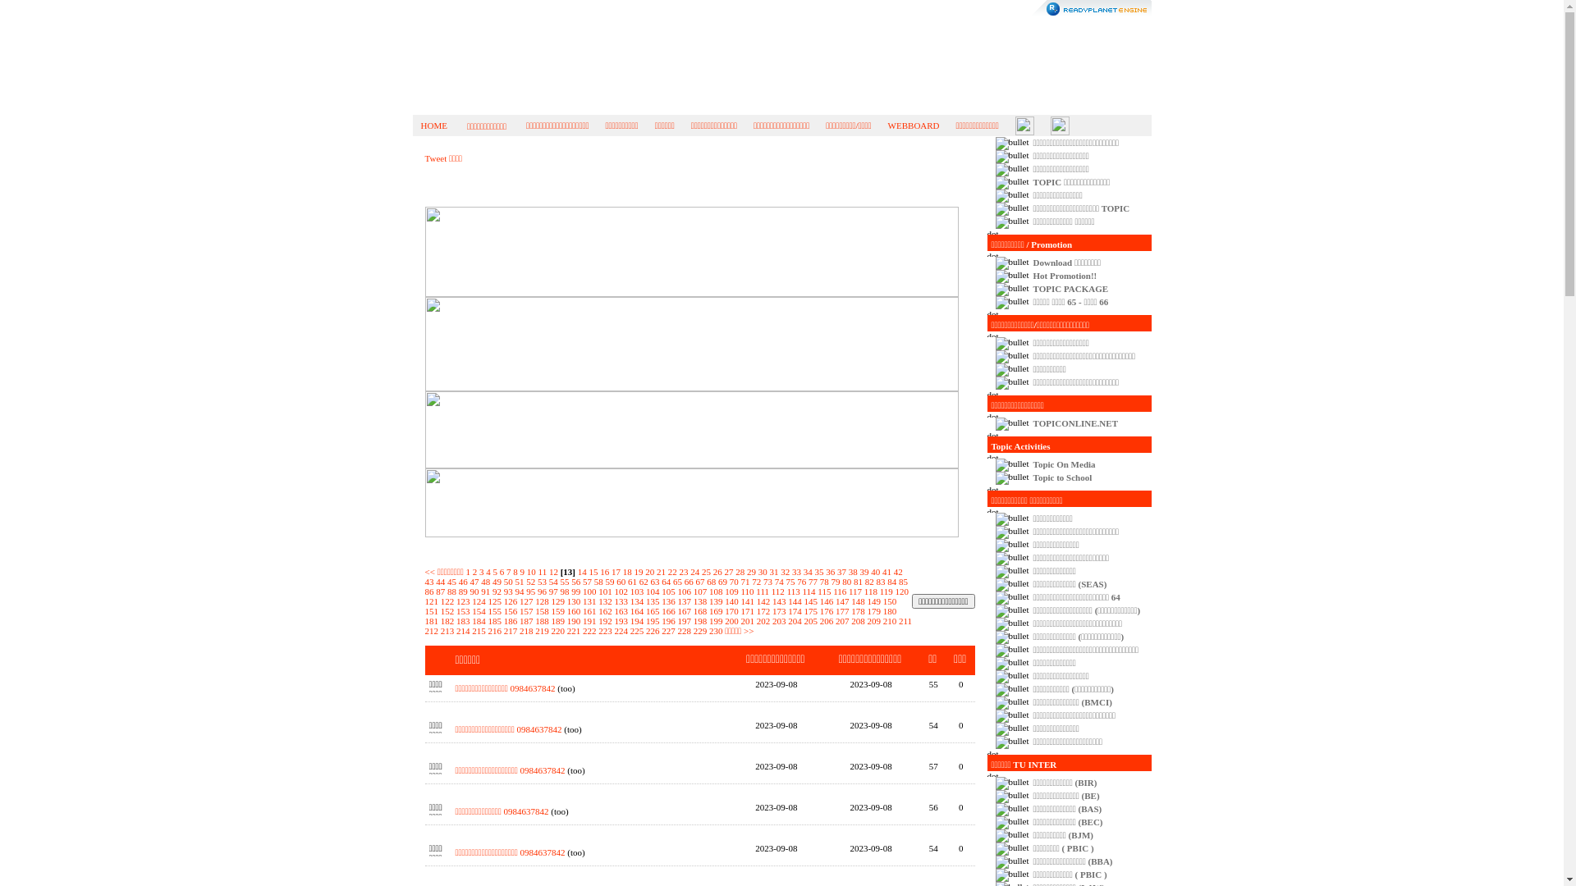 This screenshot has height=886, width=1576. Describe the element at coordinates (468, 591) in the screenshot. I see `'90'` at that location.